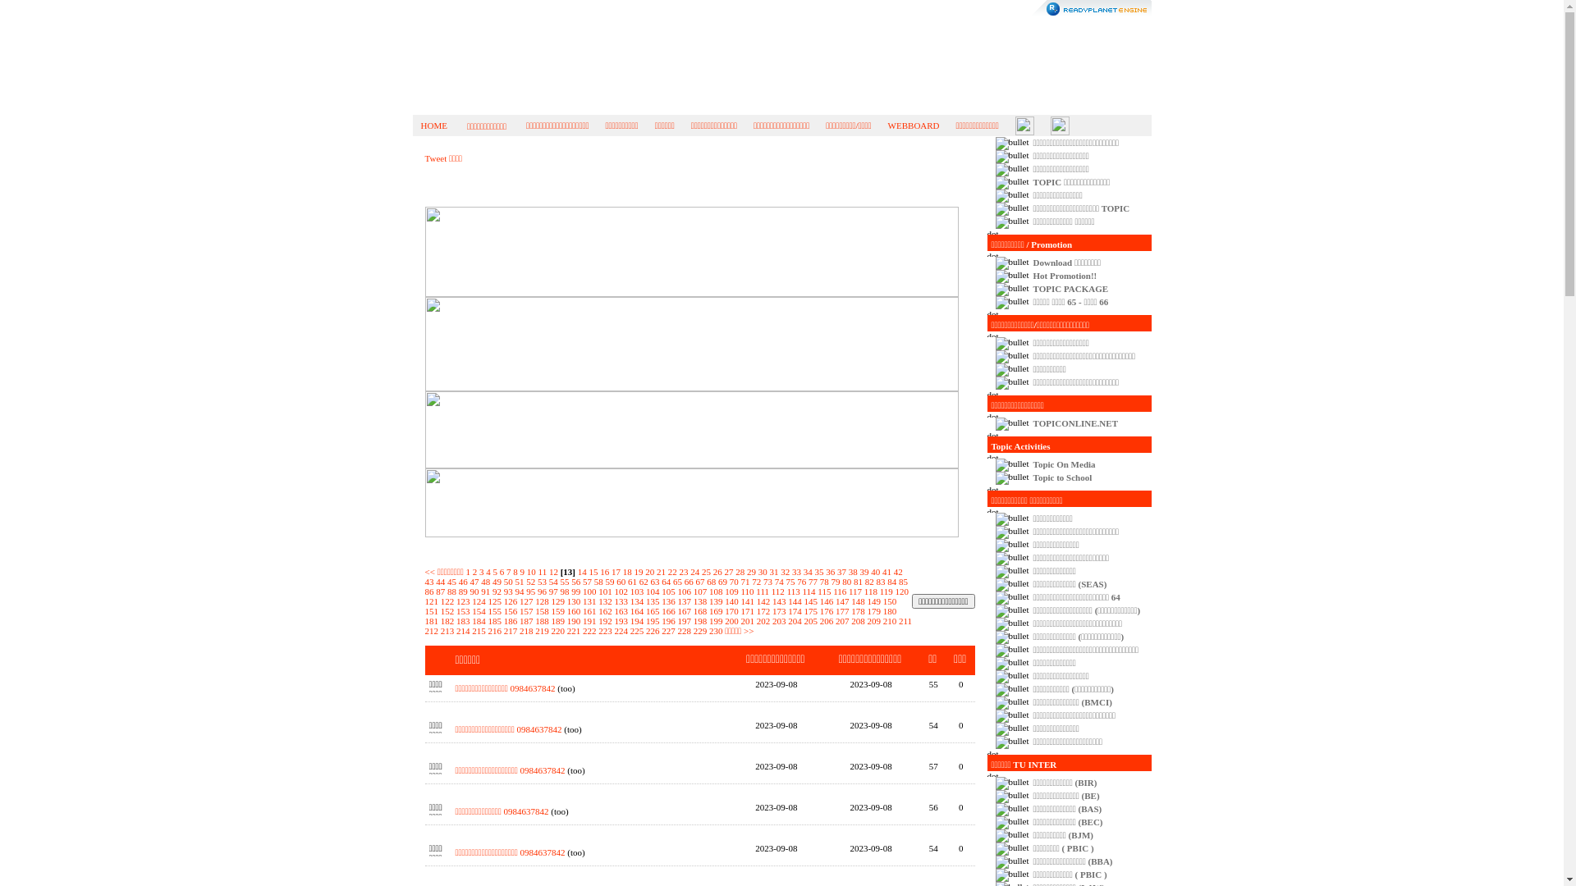 This screenshot has height=886, width=1576. Describe the element at coordinates (468, 591) in the screenshot. I see `'90'` at that location.